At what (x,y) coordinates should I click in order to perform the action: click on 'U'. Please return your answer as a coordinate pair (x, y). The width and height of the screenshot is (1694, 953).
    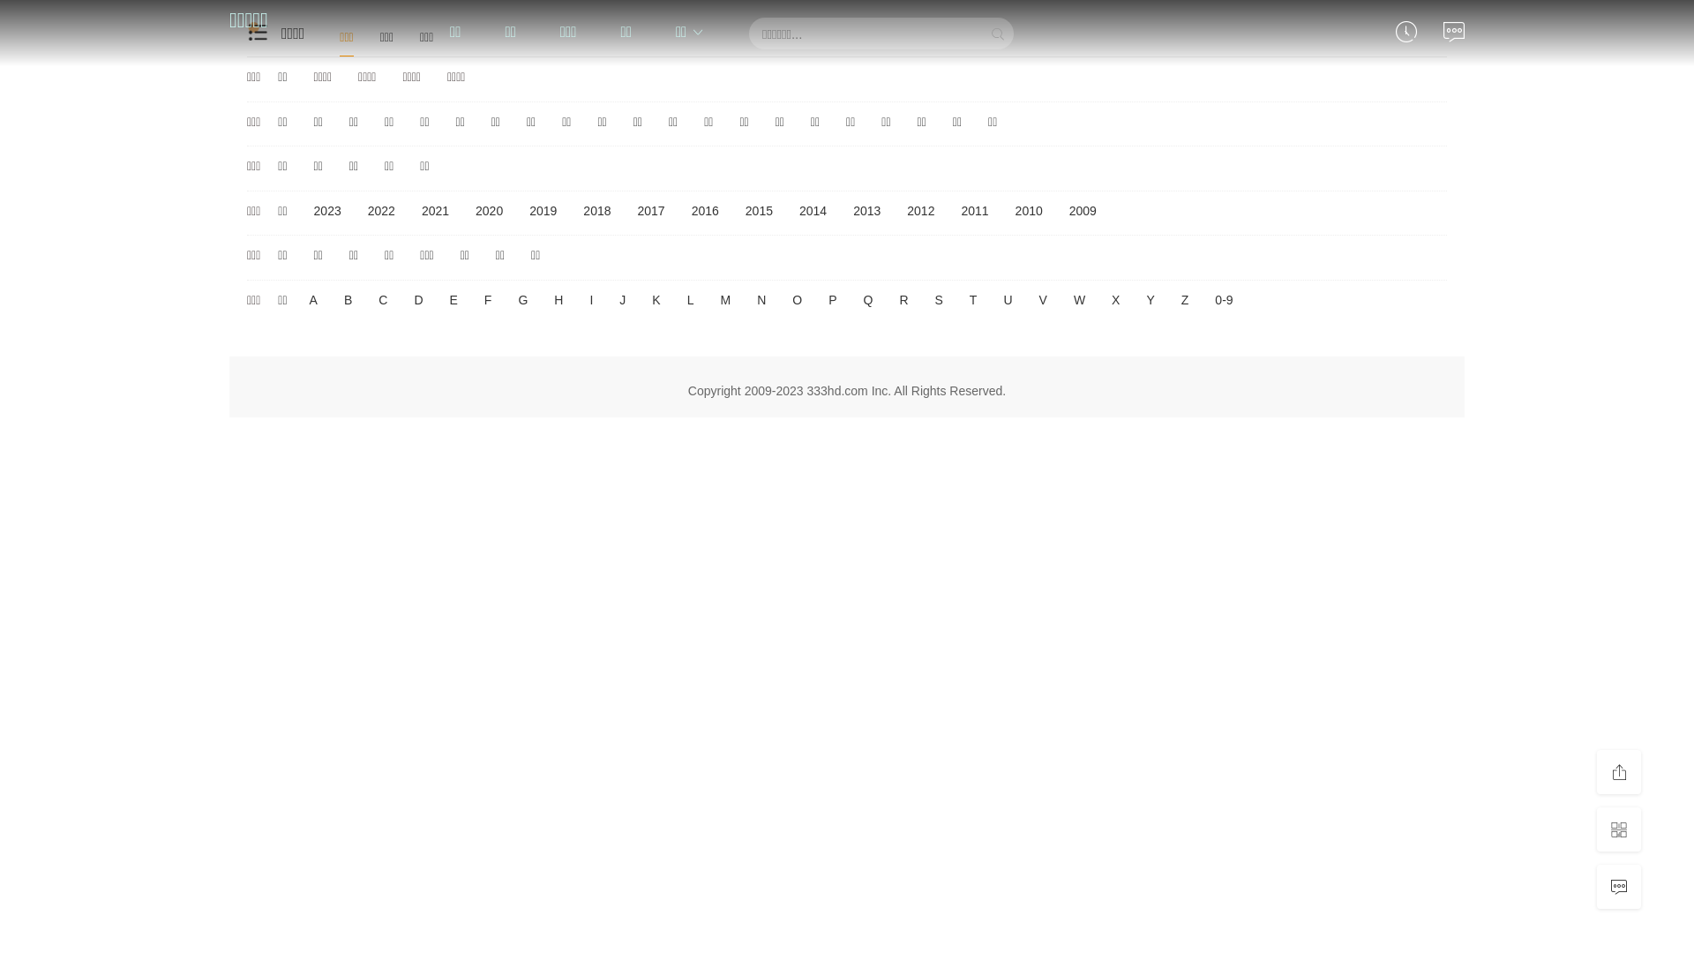
    Looking at the image, I should click on (1008, 299).